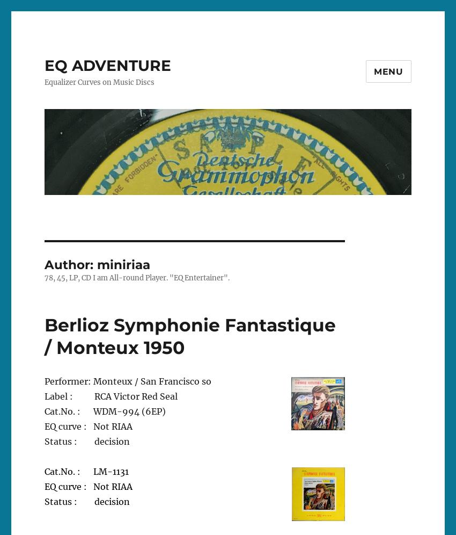  Describe the element at coordinates (86, 470) in the screenshot. I see `'Cat.No. :      LM-1131'` at that location.